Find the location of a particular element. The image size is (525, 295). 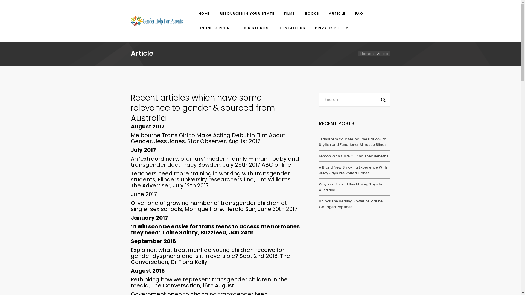

'FILMS' is located at coordinates (282, 13).